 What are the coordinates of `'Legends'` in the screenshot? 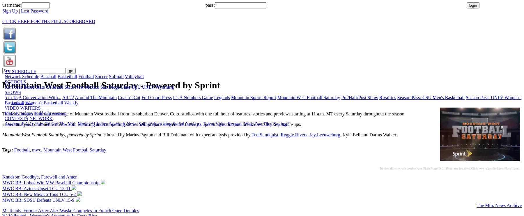 It's located at (221, 97).